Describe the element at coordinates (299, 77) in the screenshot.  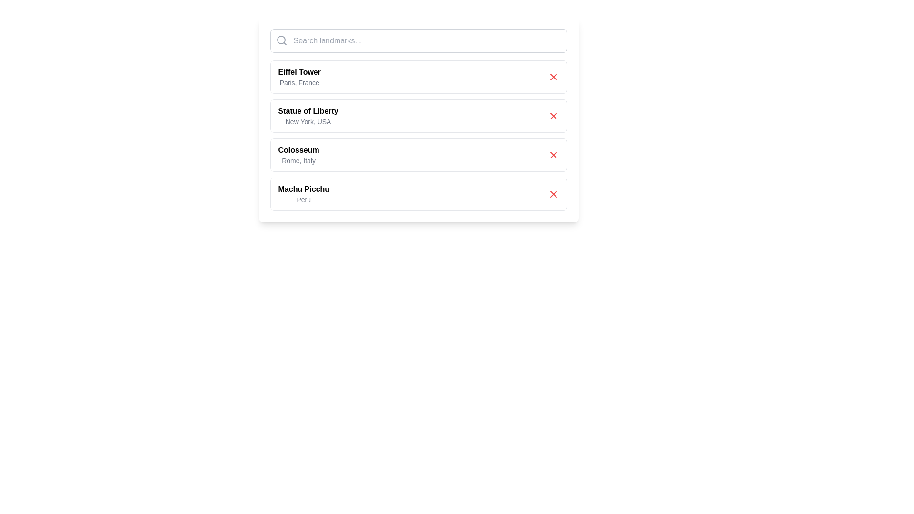
I see `to select the first entry in the list for the Eiffel Tower, located in Paris, France` at that location.